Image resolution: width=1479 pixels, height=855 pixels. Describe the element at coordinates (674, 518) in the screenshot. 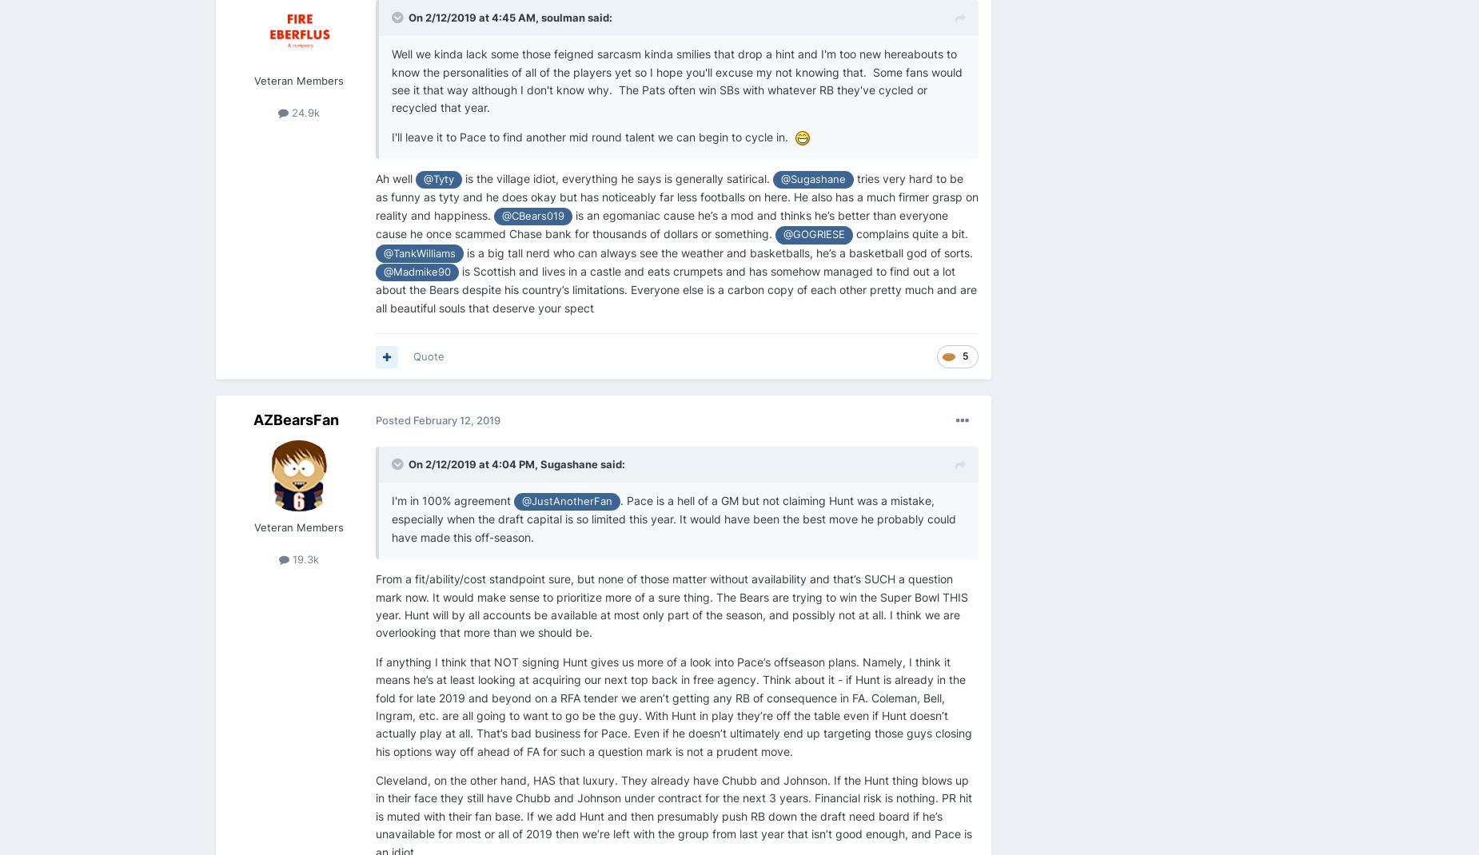

I see `'. Pace is a hell of a GM but not claiming Hunt was a mistake, especially when the draft capital is so limited this year. It would have been the best move he probably could have made this off-season.'` at that location.